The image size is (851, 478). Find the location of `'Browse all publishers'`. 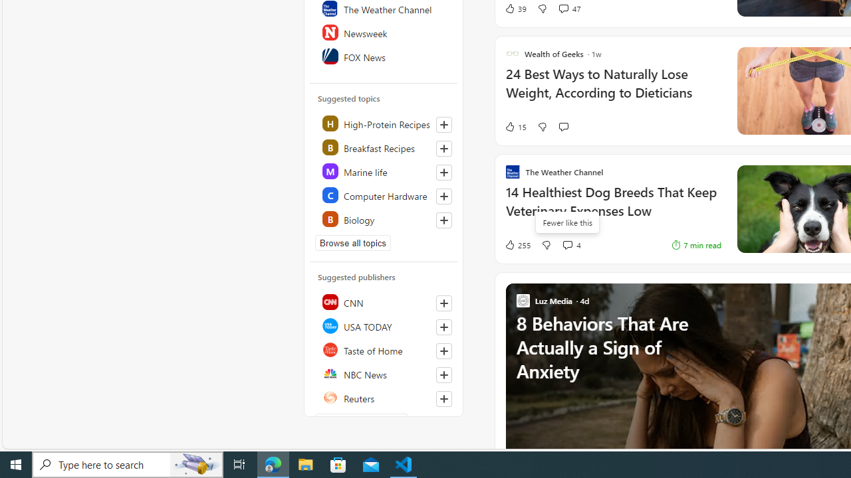

'Browse all publishers' is located at coordinates (362, 422).